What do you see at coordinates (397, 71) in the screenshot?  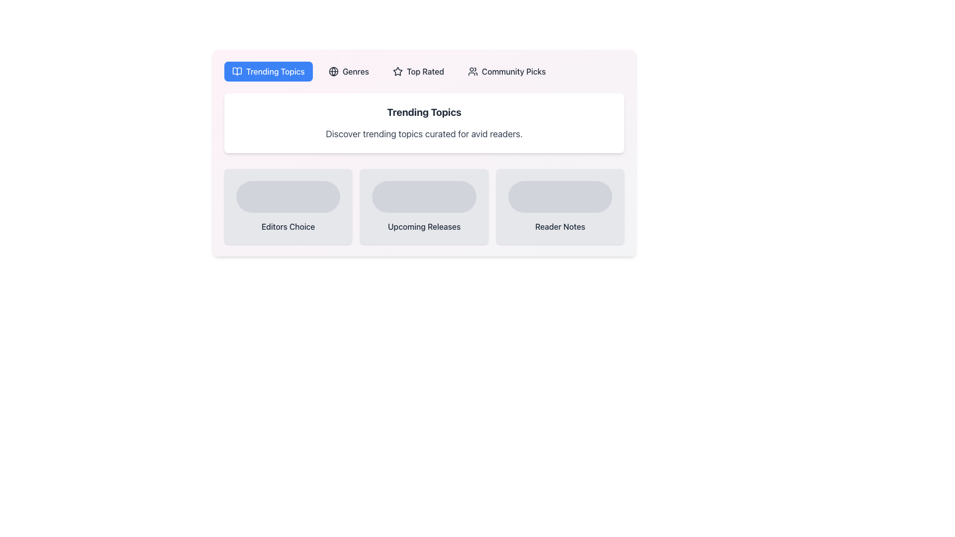 I see `the star-shaped icon with a hollow center, located within the 'Top Rated' button, on the left side of the text label` at bounding box center [397, 71].